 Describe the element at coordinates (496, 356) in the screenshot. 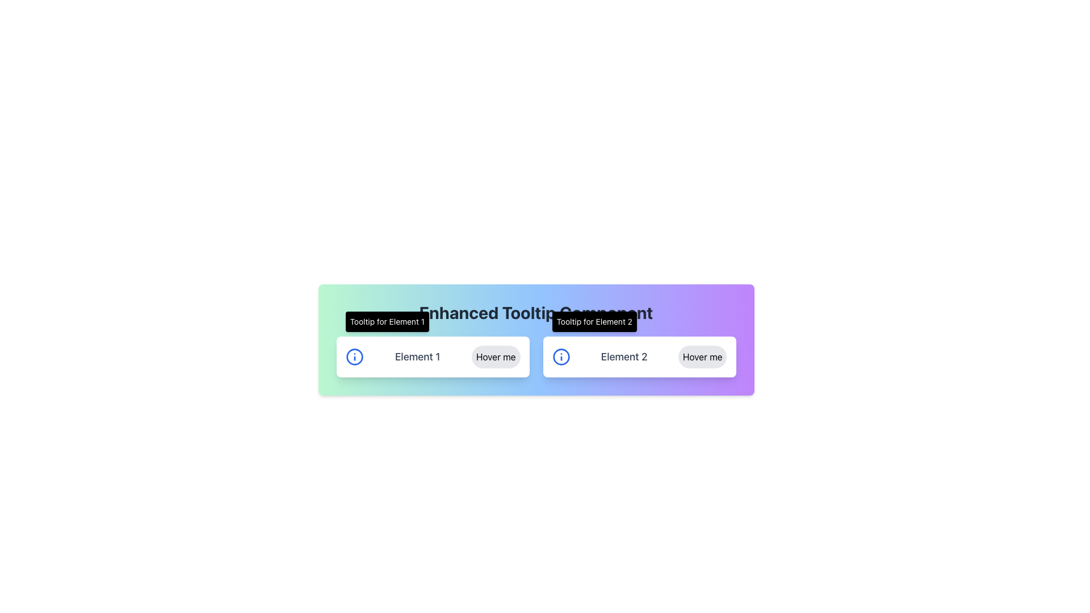

I see `the button labeled 'Hover me' which is styled in light gray and positioned to the right of 'Element 1'` at that location.